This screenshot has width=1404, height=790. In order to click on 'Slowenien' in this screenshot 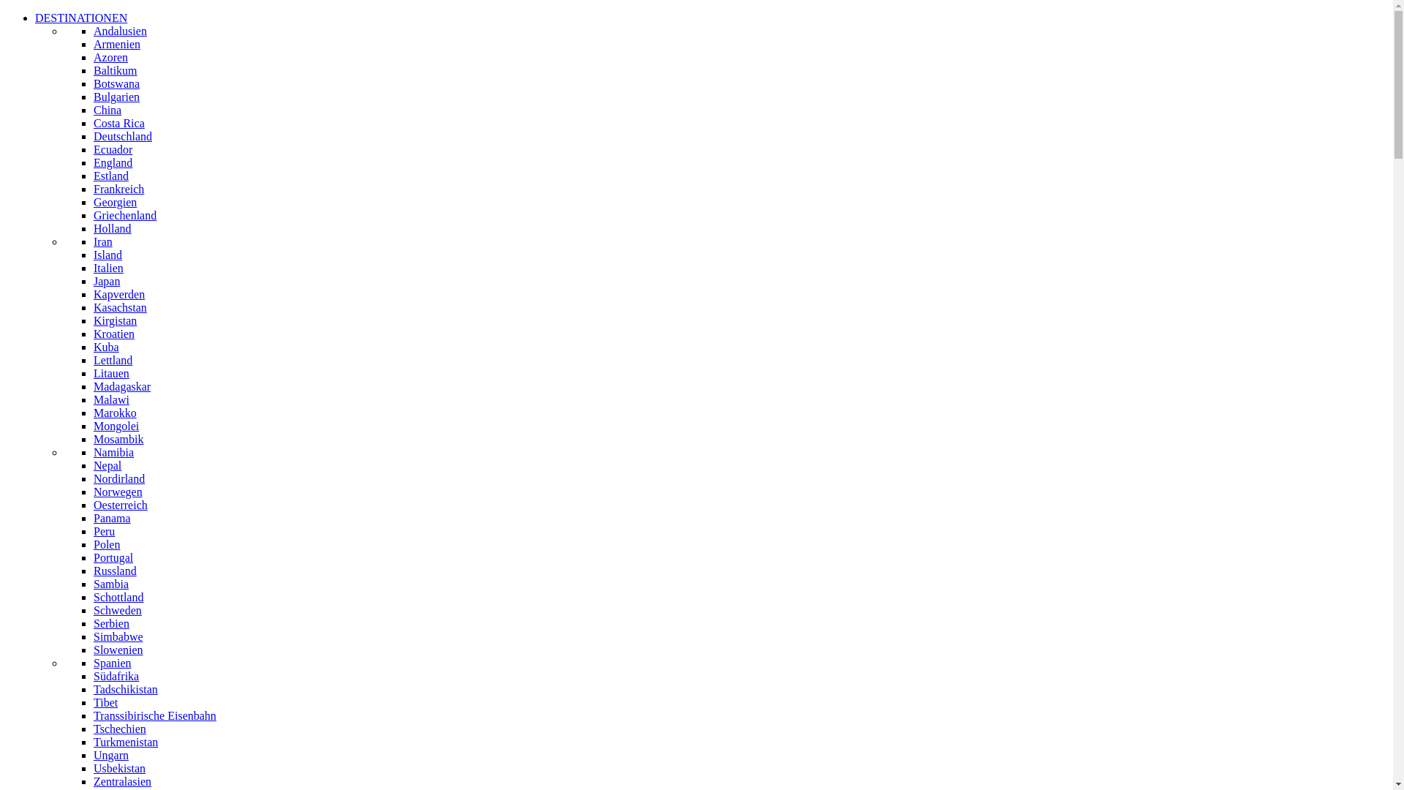, I will do `click(93, 649)`.